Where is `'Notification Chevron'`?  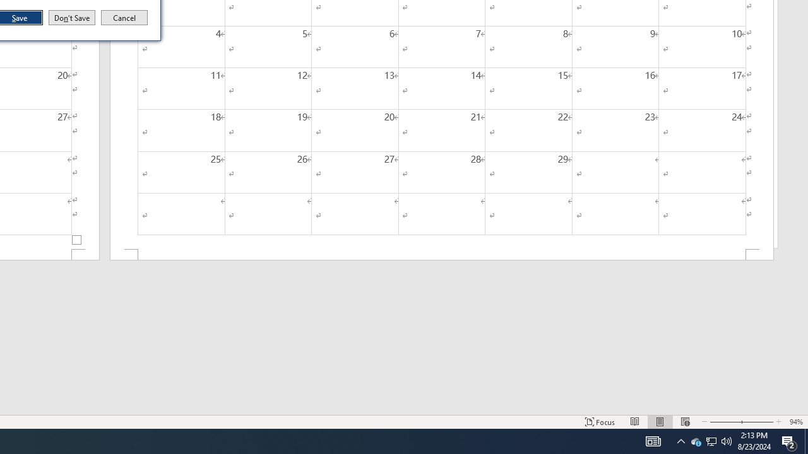
'Notification Chevron' is located at coordinates (680, 440).